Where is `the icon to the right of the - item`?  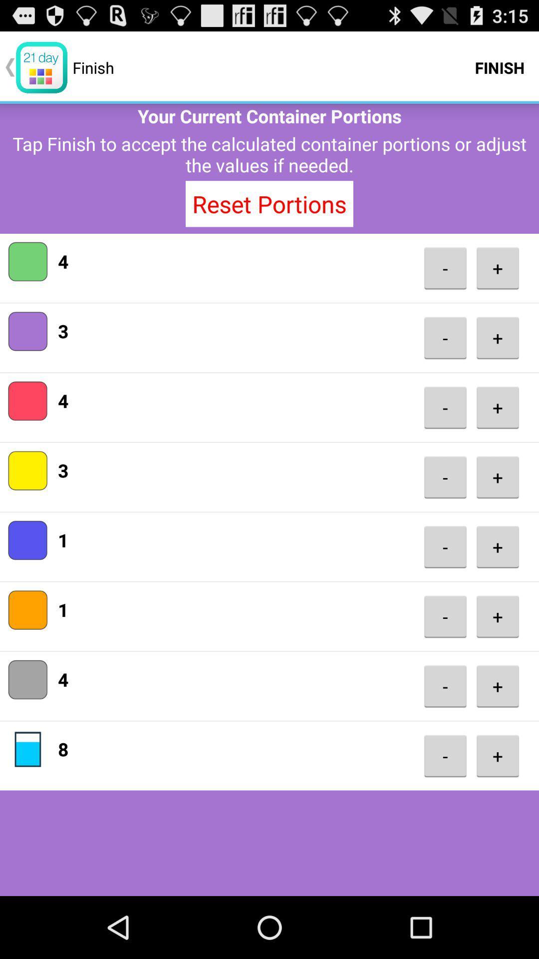 the icon to the right of the - item is located at coordinates (498, 685).